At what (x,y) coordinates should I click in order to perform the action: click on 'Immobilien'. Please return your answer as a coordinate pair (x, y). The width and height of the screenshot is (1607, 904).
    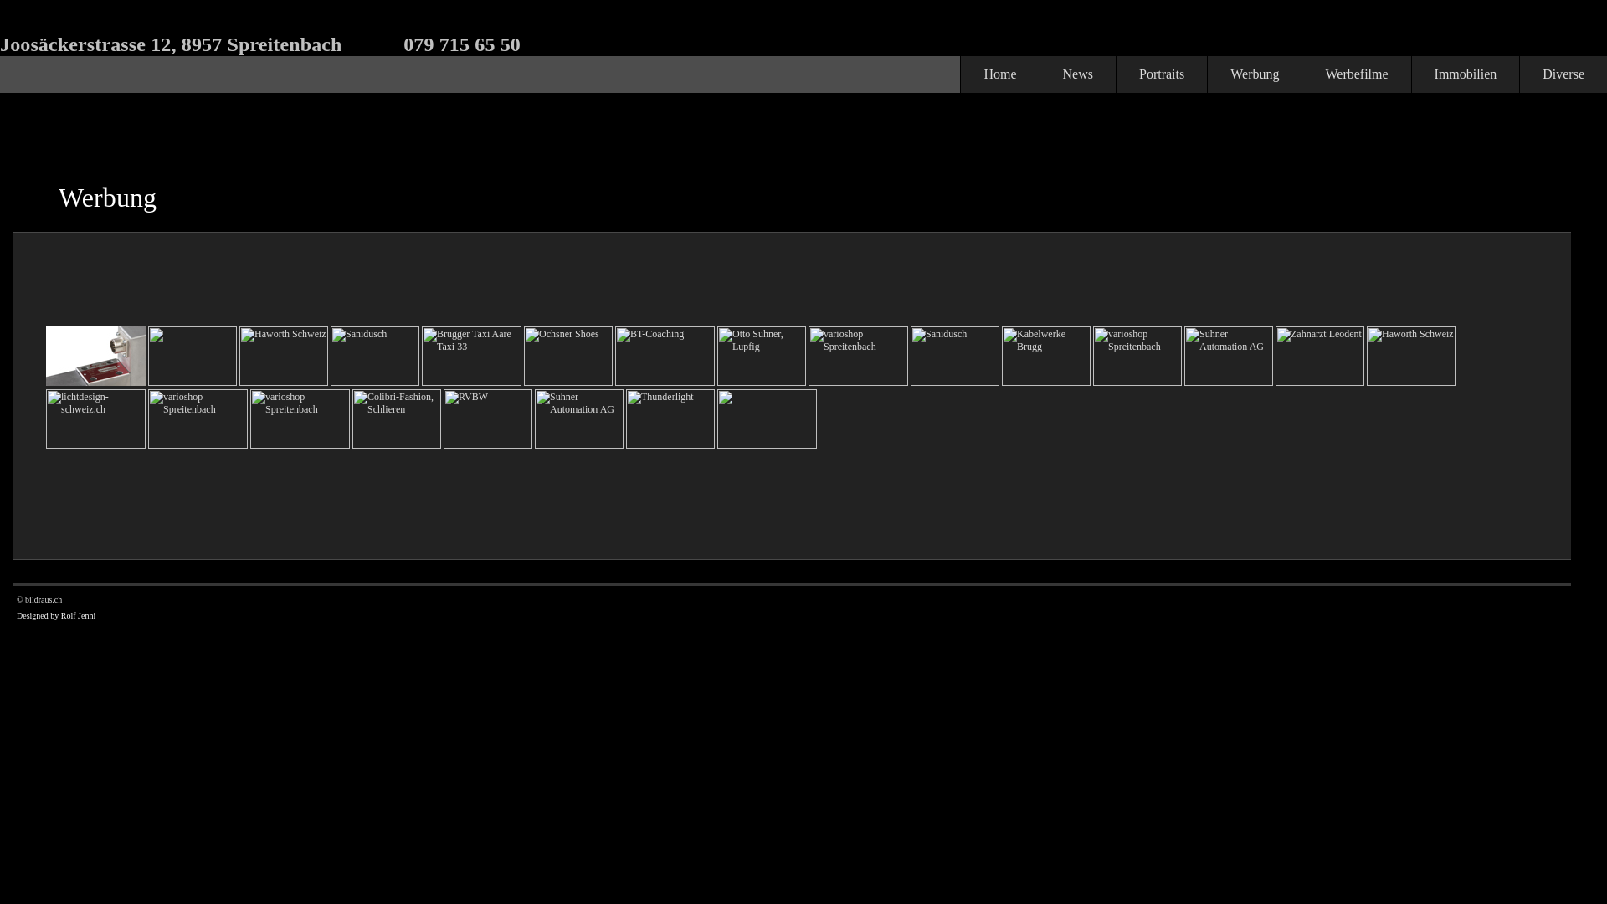
    Looking at the image, I should click on (1409, 73).